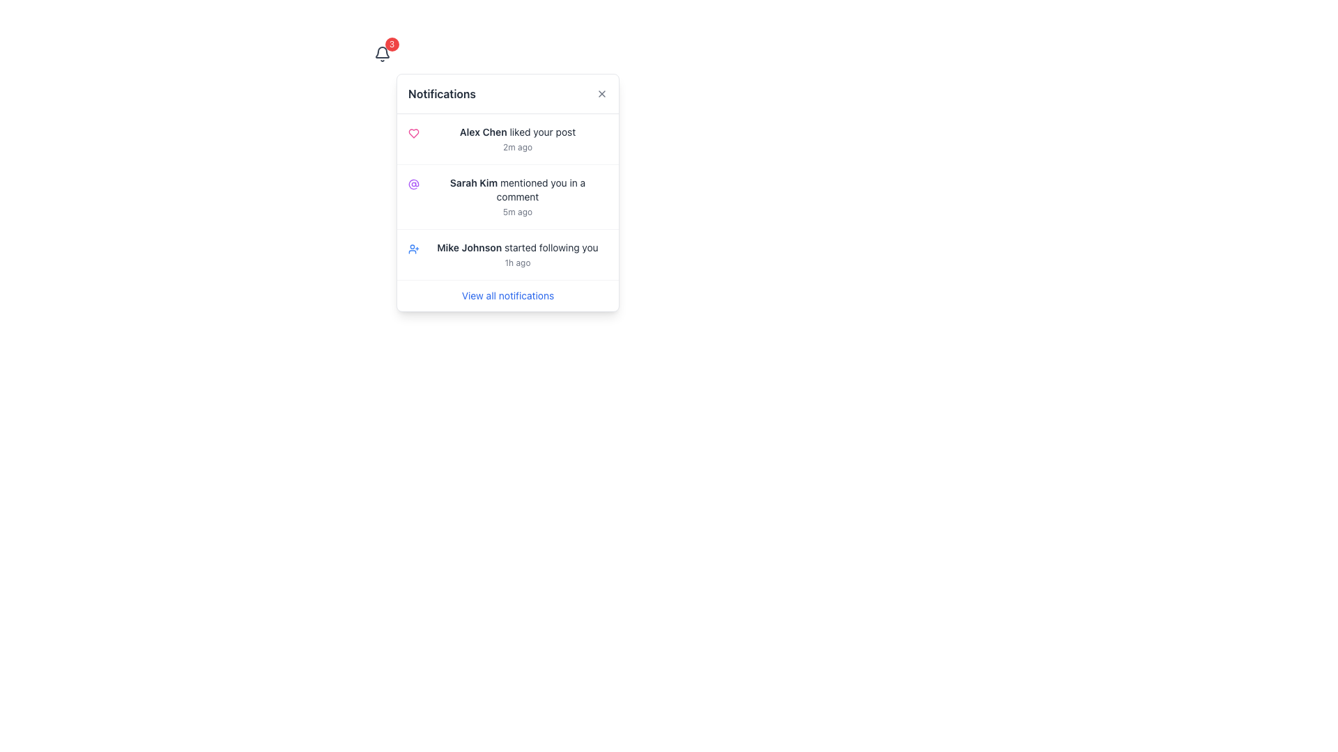  What do you see at coordinates (507, 255) in the screenshot?
I see `the third notification entry in the dropdown panel that informs the user of a new follower interaction` at bounding box center [507, 255].